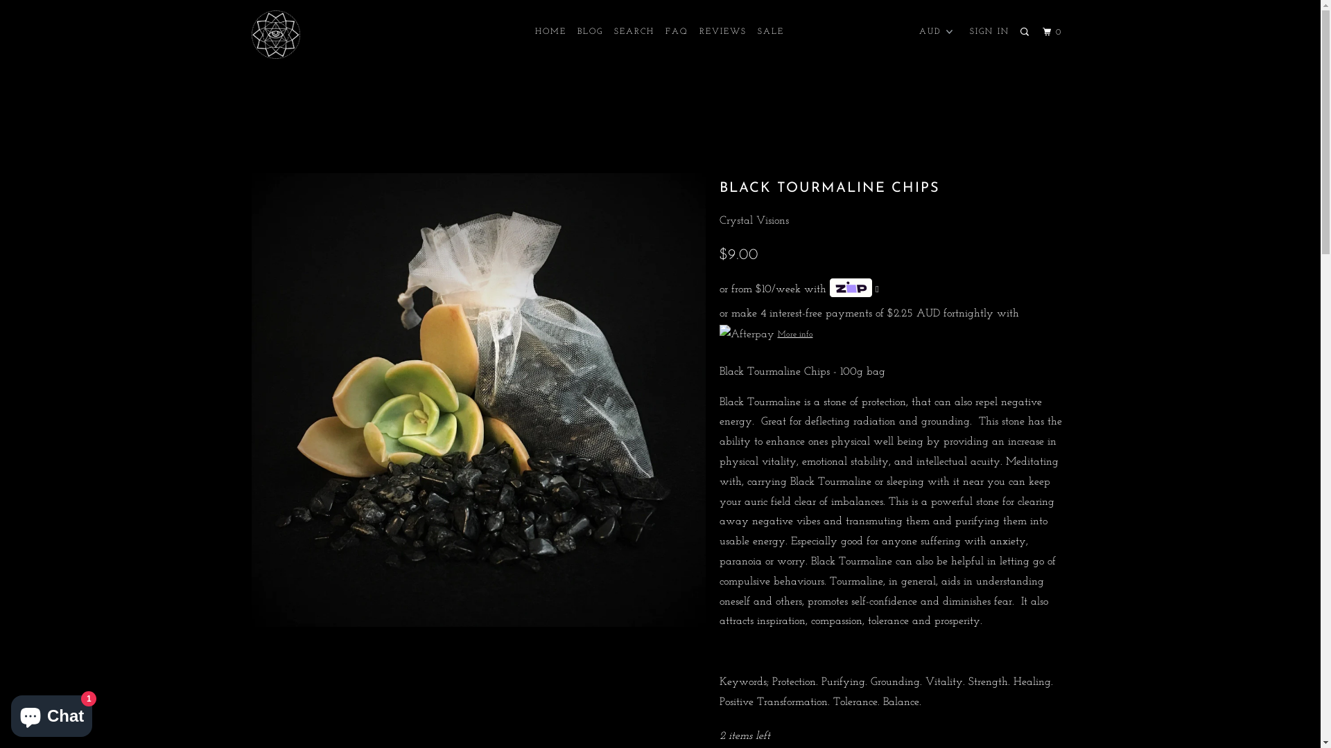 The width and height of the screenshot is (1331, 748). Describe the element at coordinates (250, 34) in the screenshot. I see `'Crystal Visions Store'` at that location.